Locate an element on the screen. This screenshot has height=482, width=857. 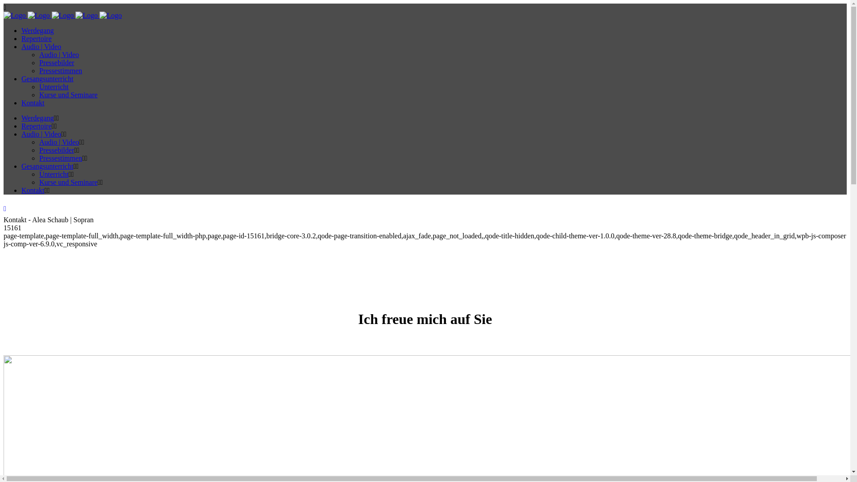
'Kontakt' is located at coordinates (21, 190).